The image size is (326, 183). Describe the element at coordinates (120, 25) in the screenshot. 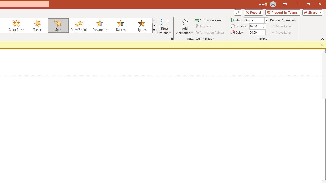

I see `'Darken'` at that location.